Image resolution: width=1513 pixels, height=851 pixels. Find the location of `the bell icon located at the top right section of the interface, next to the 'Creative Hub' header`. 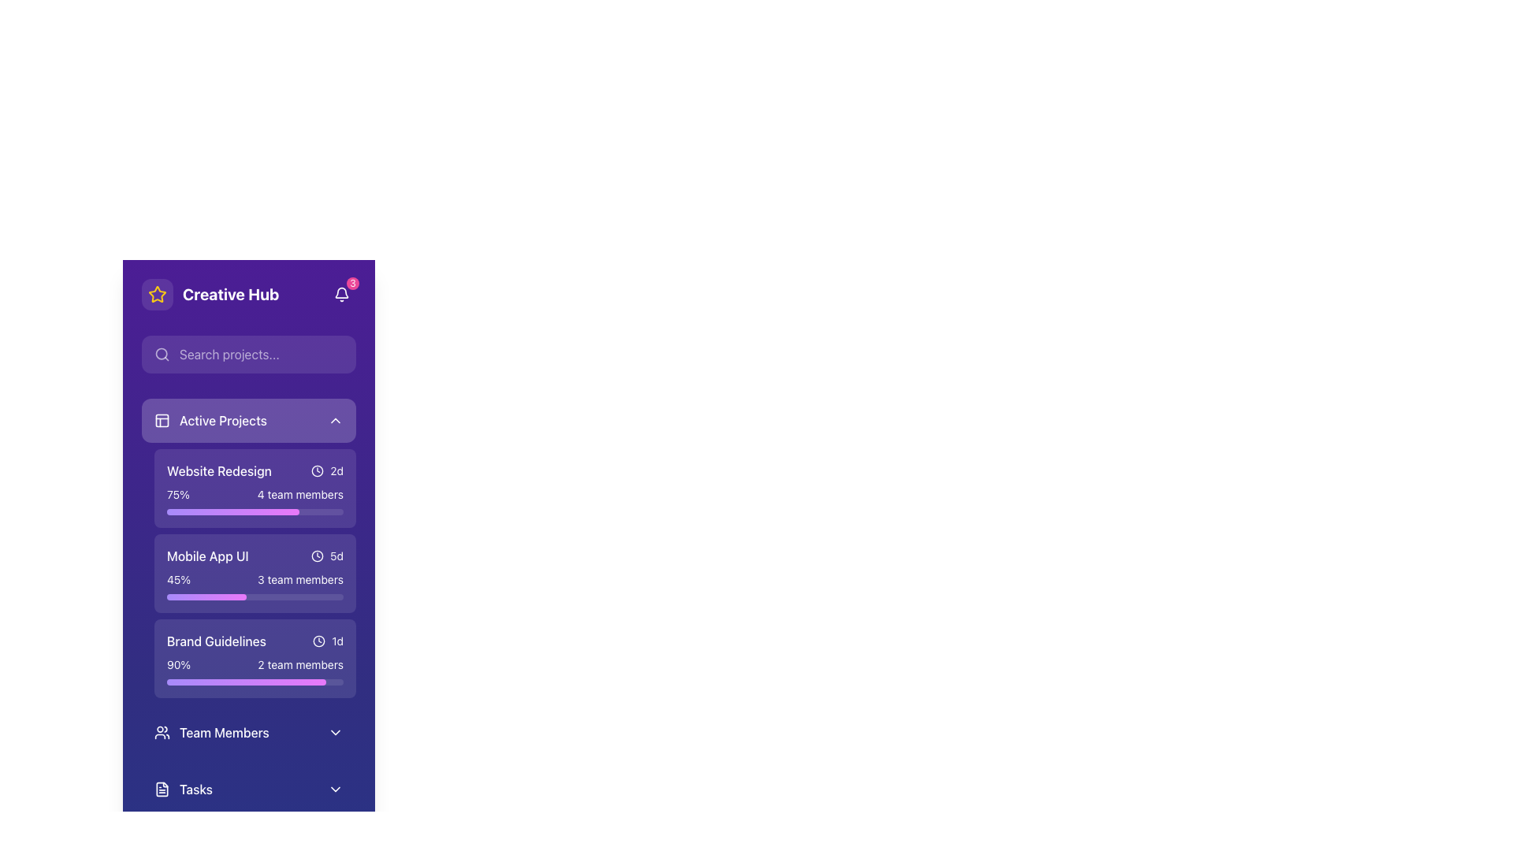

the bell icon located at the top right section of the interface, next to the 'Creative Hub' header is located at coordinates (340, 295).